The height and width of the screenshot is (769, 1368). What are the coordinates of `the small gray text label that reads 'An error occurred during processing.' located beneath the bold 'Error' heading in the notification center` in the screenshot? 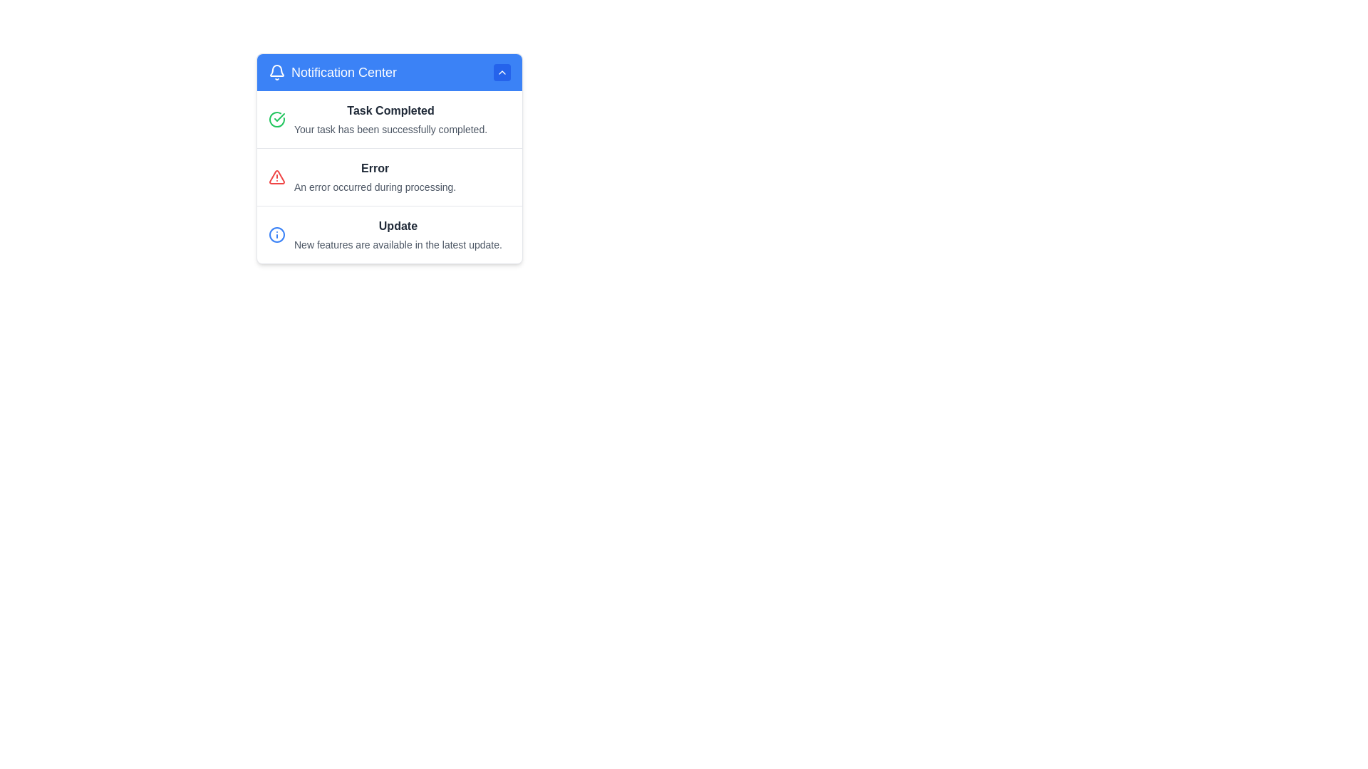 It's located at (375, 186).